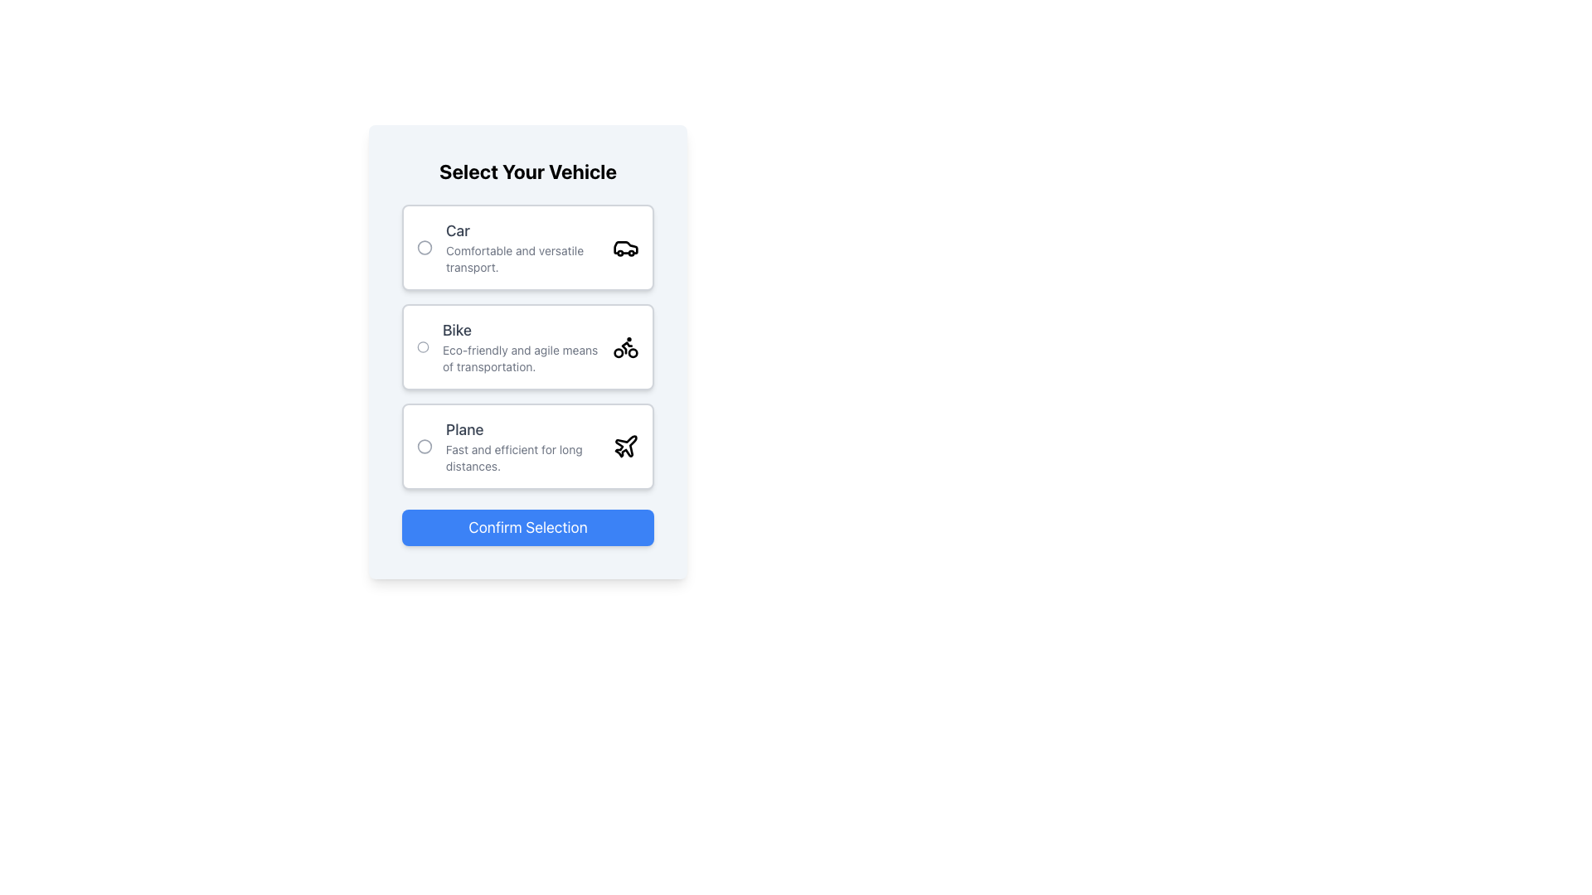 This screenshot has width=1592, height=895. Describe the element at coordinates (522, 248) in the screenshot. I see `the Text Block element that displays the word 'Car' in a larger, bold font, indicating it as the first option in a list of transport modes` at that location.